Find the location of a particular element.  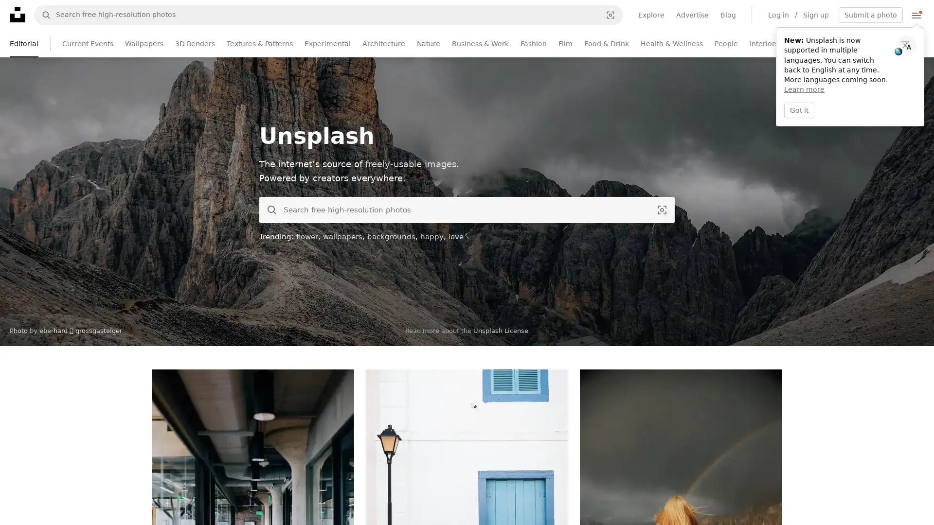

Search Unsplash is located at coordinates (269, 210).